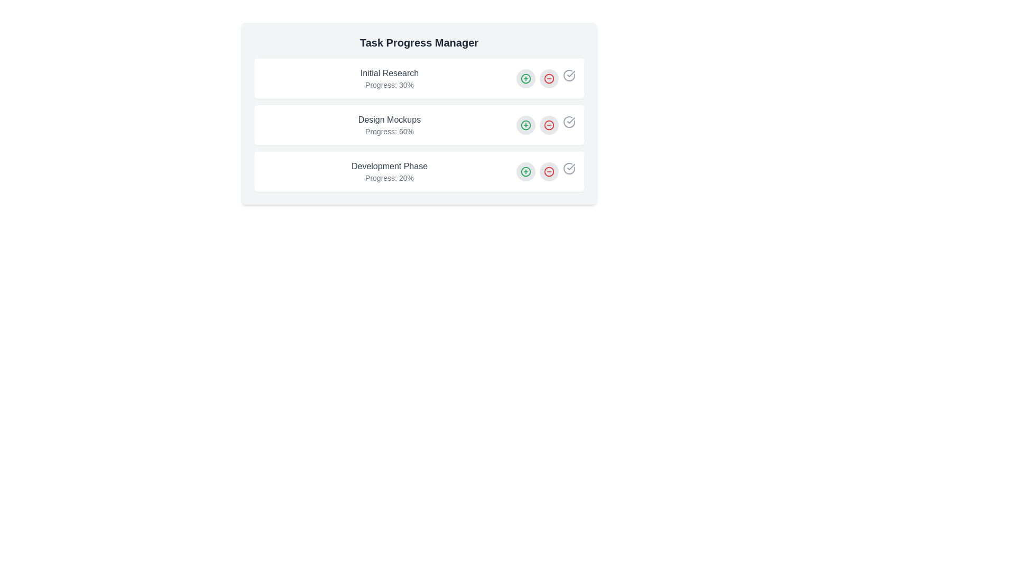  What do you see at coordinates (525, 171) in the screenshot?
I see `the 'add' button located on the rightmost side of the 'Development Phase' row in the vertical list` at bounding box center [525, 171].